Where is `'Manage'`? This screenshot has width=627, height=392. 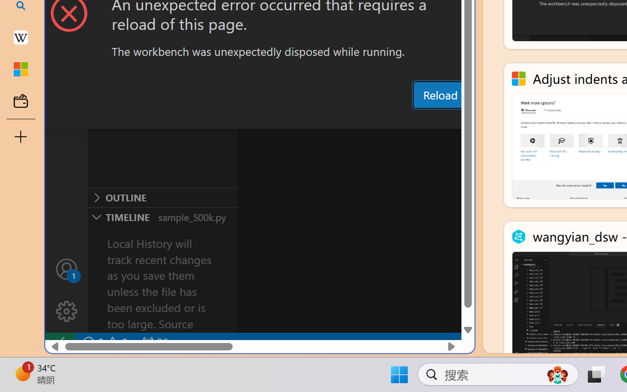 'Manage' is located at coordinates (66, 290).